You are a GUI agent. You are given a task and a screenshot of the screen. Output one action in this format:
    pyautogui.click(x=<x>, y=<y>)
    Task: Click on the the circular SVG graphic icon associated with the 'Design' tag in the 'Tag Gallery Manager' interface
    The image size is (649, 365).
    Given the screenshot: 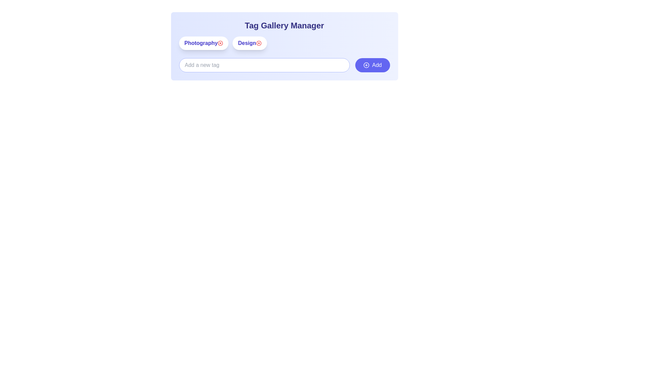 What is the action you would take?
    pyautogui.click(x=258, y=43)
    